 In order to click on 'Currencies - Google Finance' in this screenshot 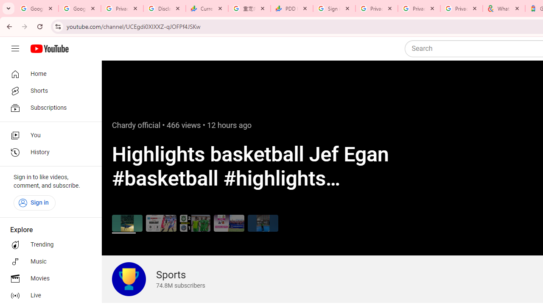, I will do `click(207, 8)`.